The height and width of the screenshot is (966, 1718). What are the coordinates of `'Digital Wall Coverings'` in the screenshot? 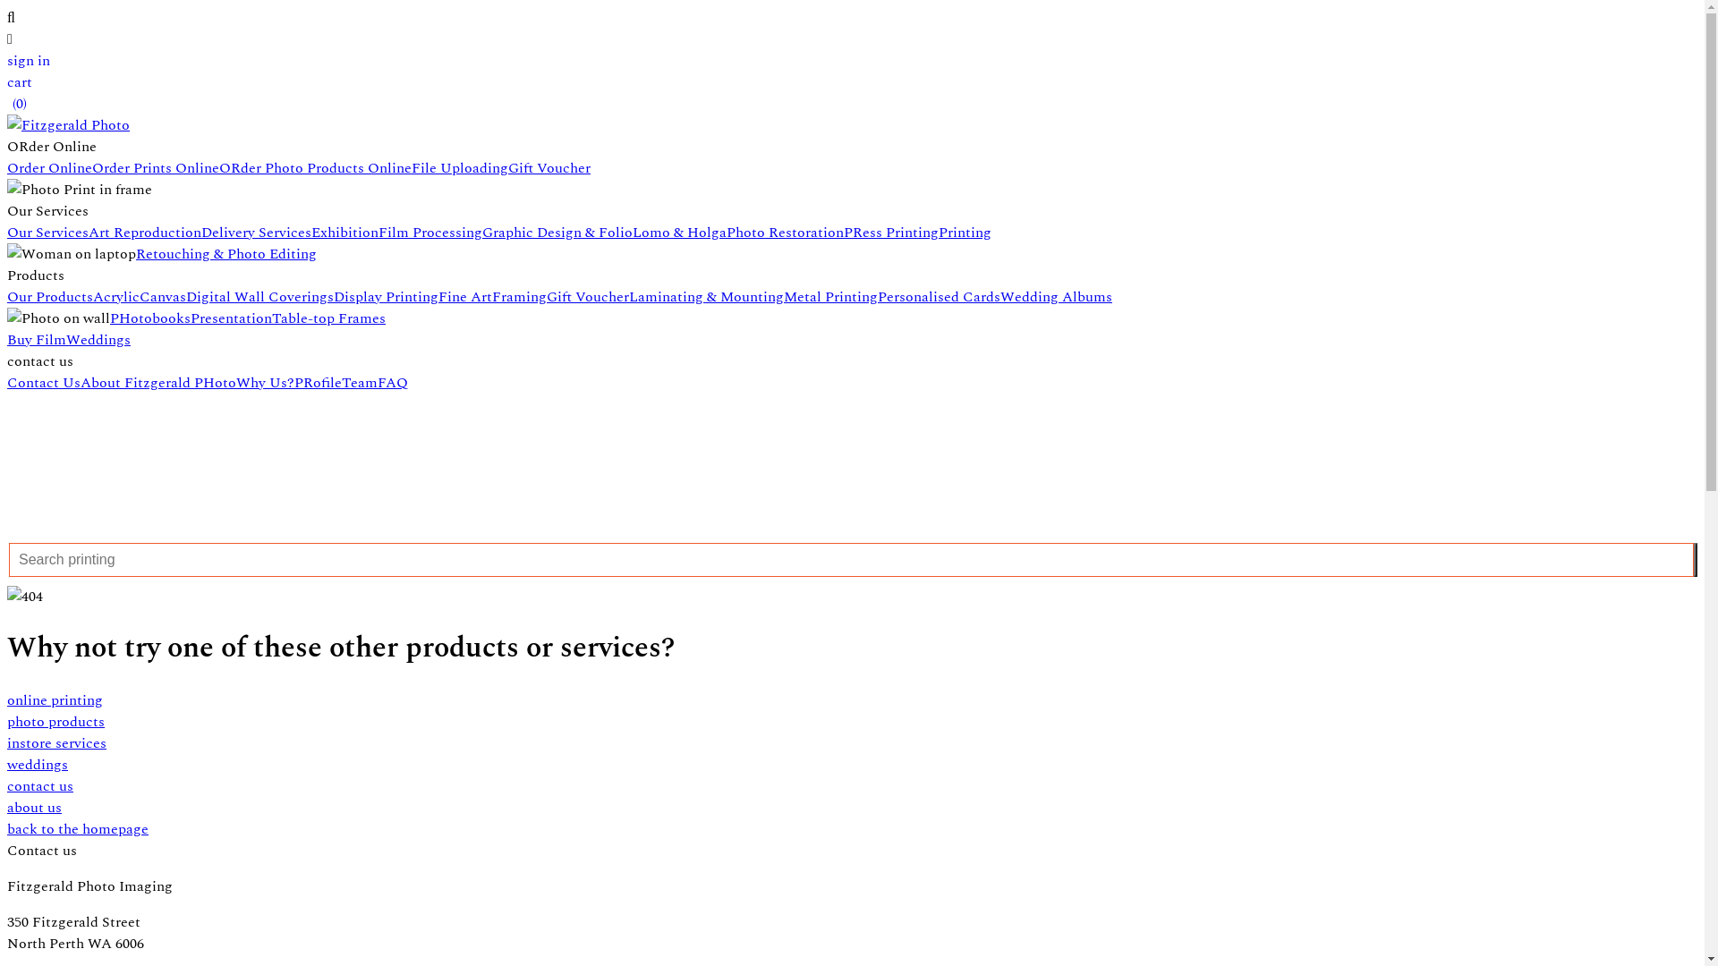 It's located at (259, 295).